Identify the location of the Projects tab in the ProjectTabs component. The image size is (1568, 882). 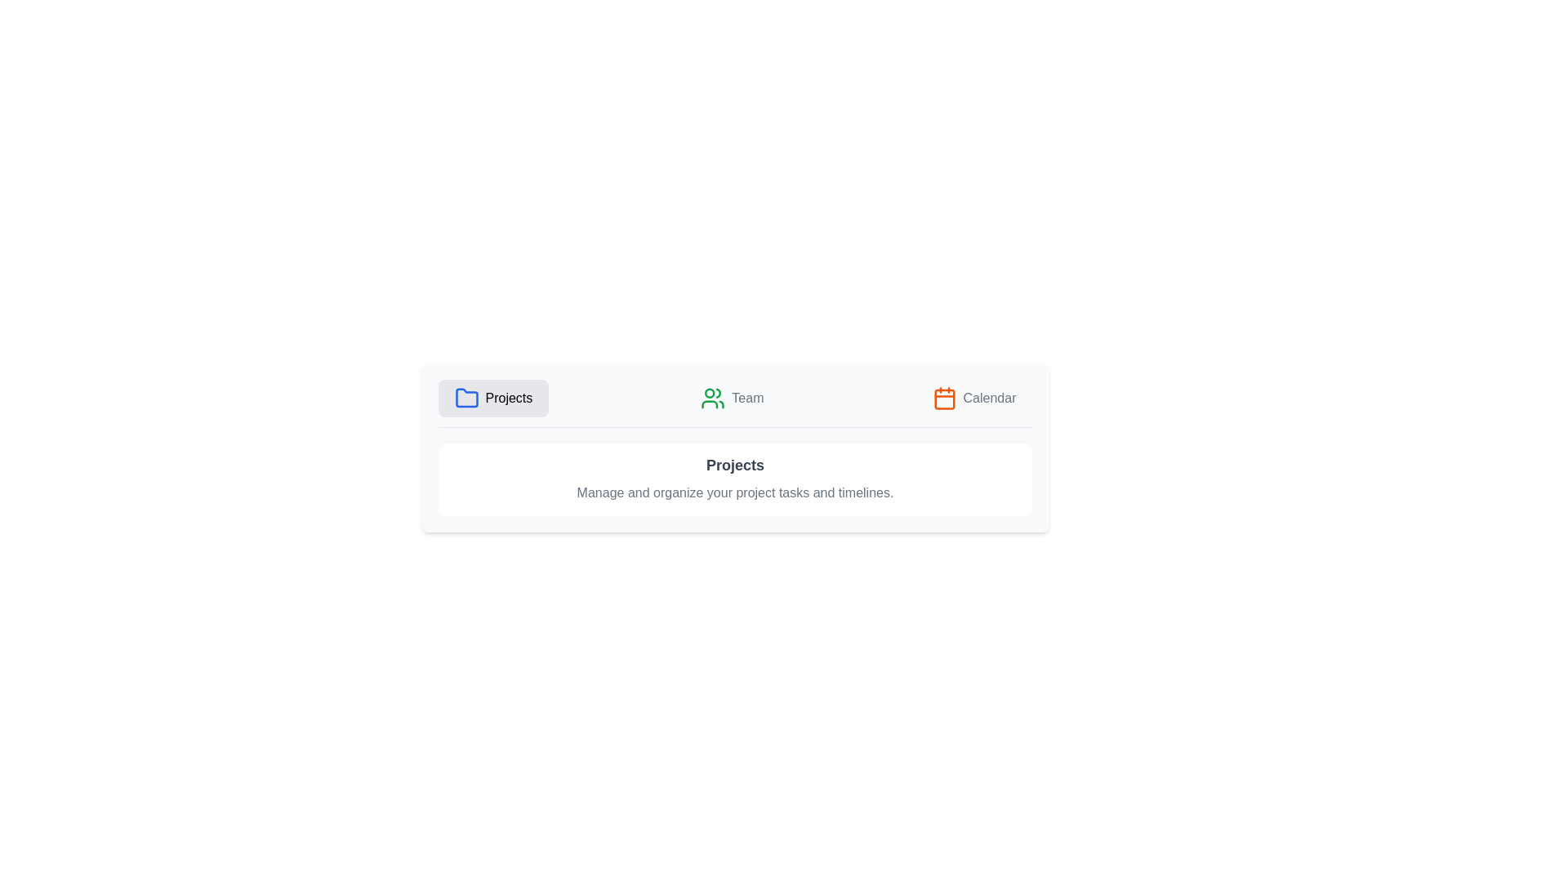
(492, 399).